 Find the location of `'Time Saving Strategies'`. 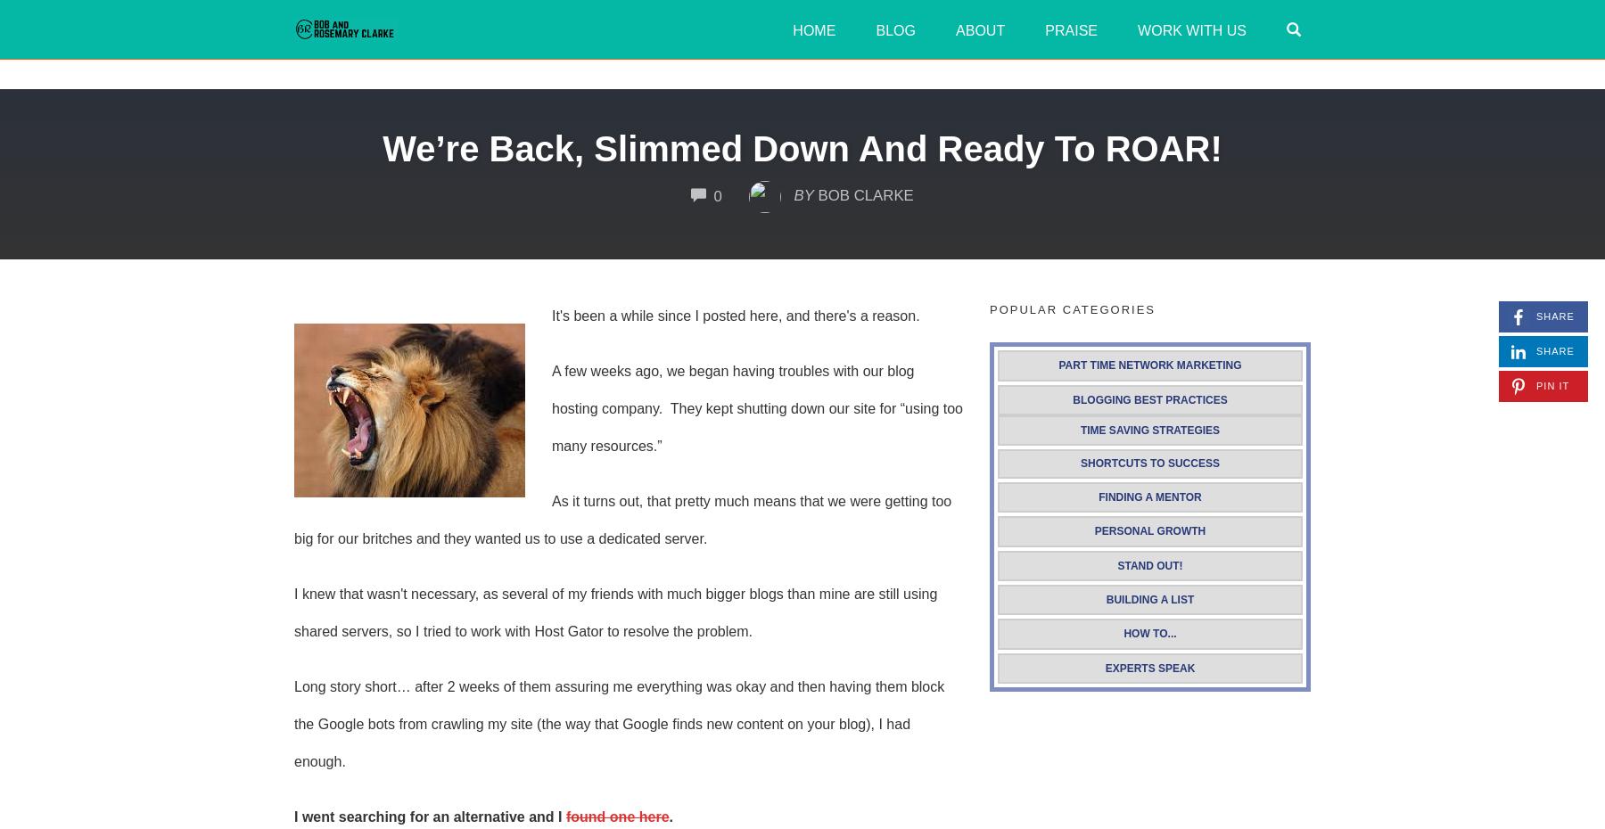

'Time Saving Strategies' is located at coordinates (1079, 430).